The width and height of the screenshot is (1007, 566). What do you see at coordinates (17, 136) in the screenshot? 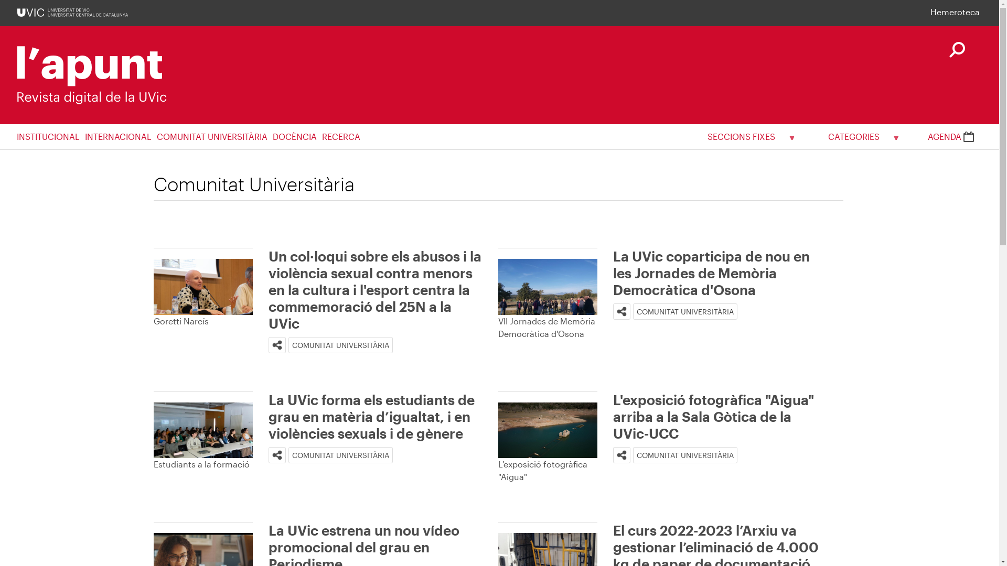
I see `'INSTITUCIONAL'` at bounding box center [17, 136].